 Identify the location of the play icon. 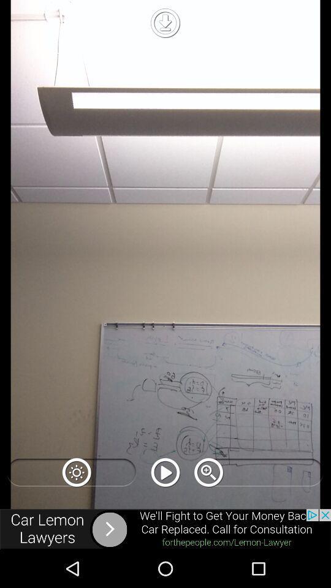
(165, 472).